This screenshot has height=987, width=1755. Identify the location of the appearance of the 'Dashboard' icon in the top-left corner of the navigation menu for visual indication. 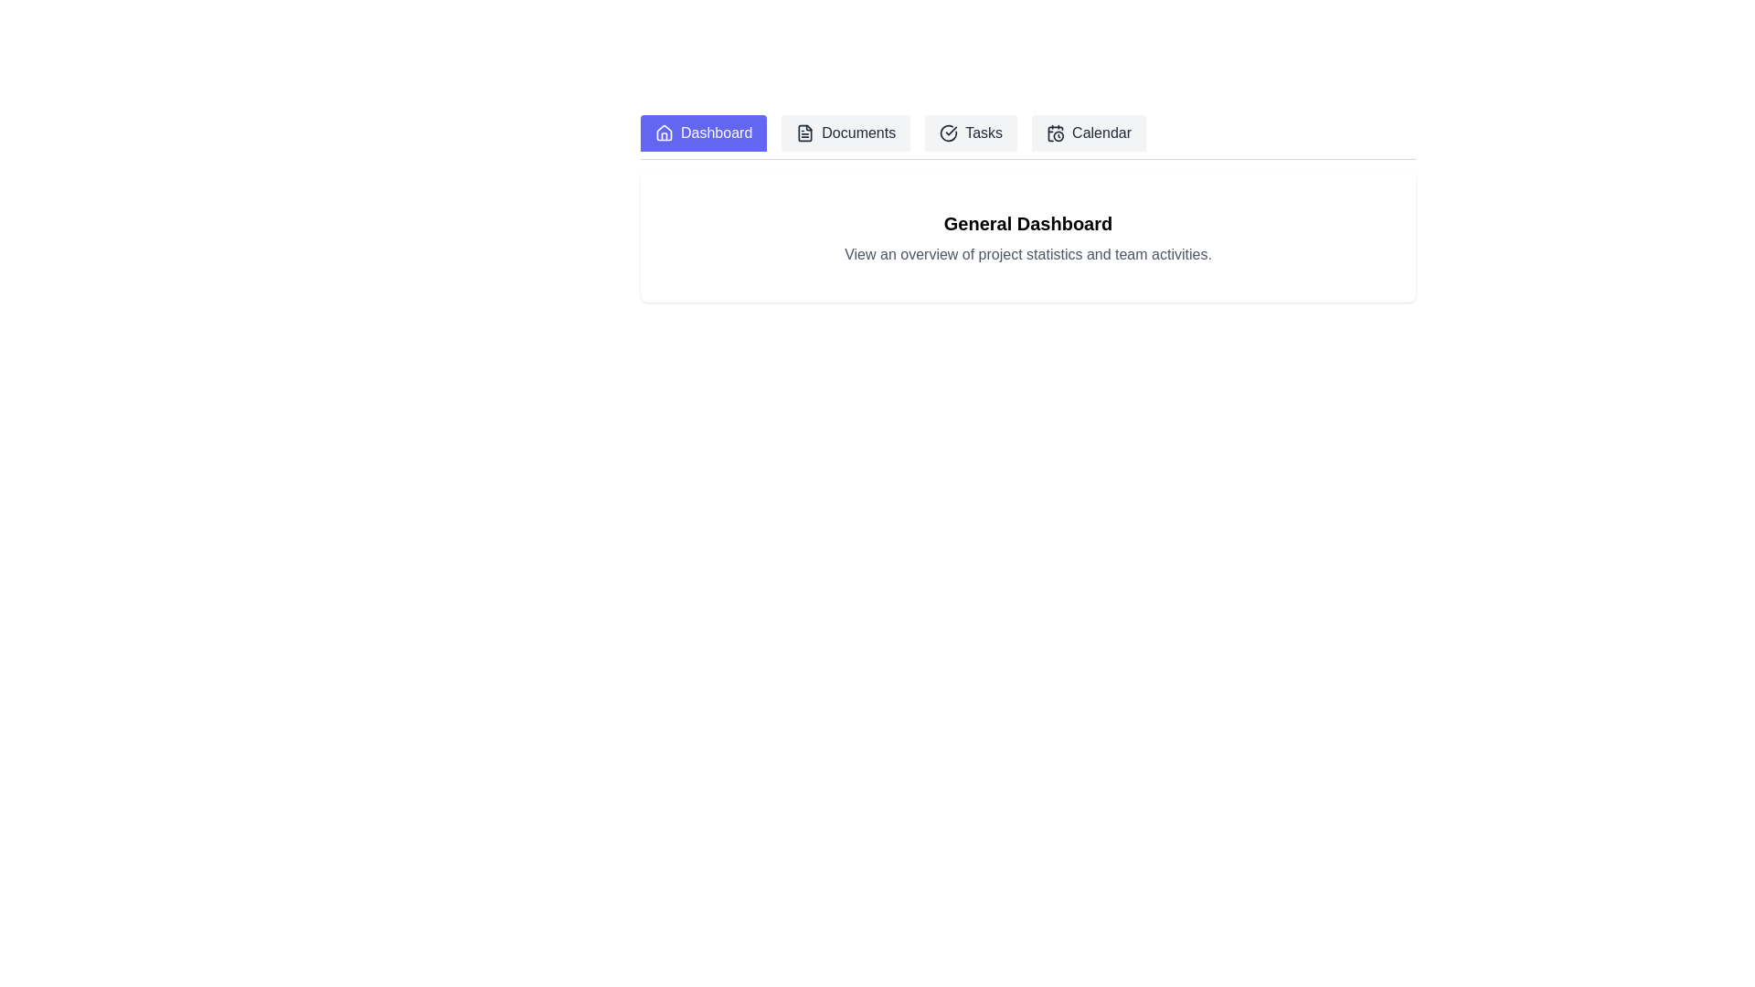
(663, 132).